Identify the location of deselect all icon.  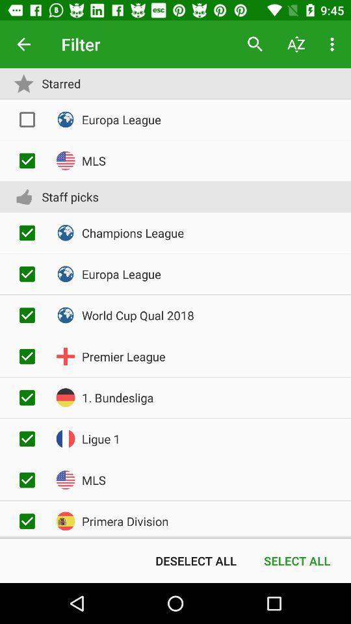
(195, 560).